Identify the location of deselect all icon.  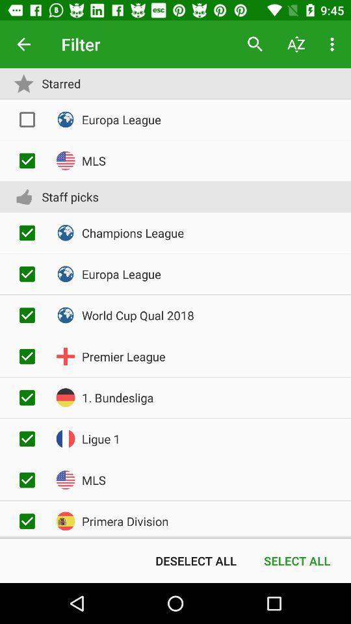
(195, 560).